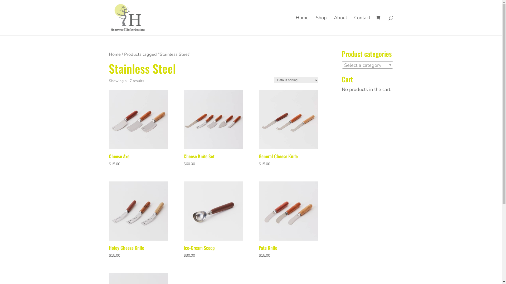 The height and width of the screenshot is (284, 506). I want to click on 'Shop', so click(321, 25).